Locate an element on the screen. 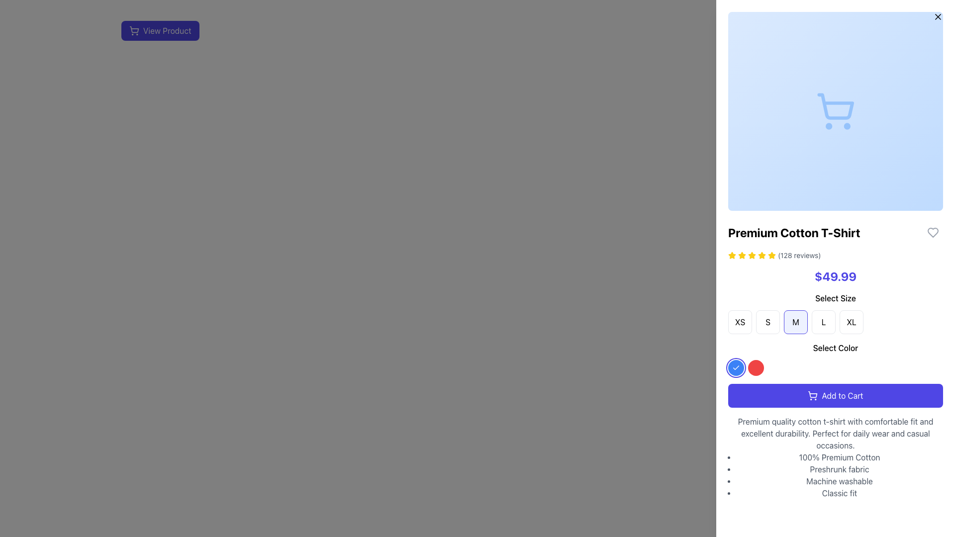 The image size is (955, 537). the fifth star icon in the rating display for the 'Premium Cotton T-Shirt', which is bright yellow and part of a sequence of six stars is located at coordinates (752, 255).